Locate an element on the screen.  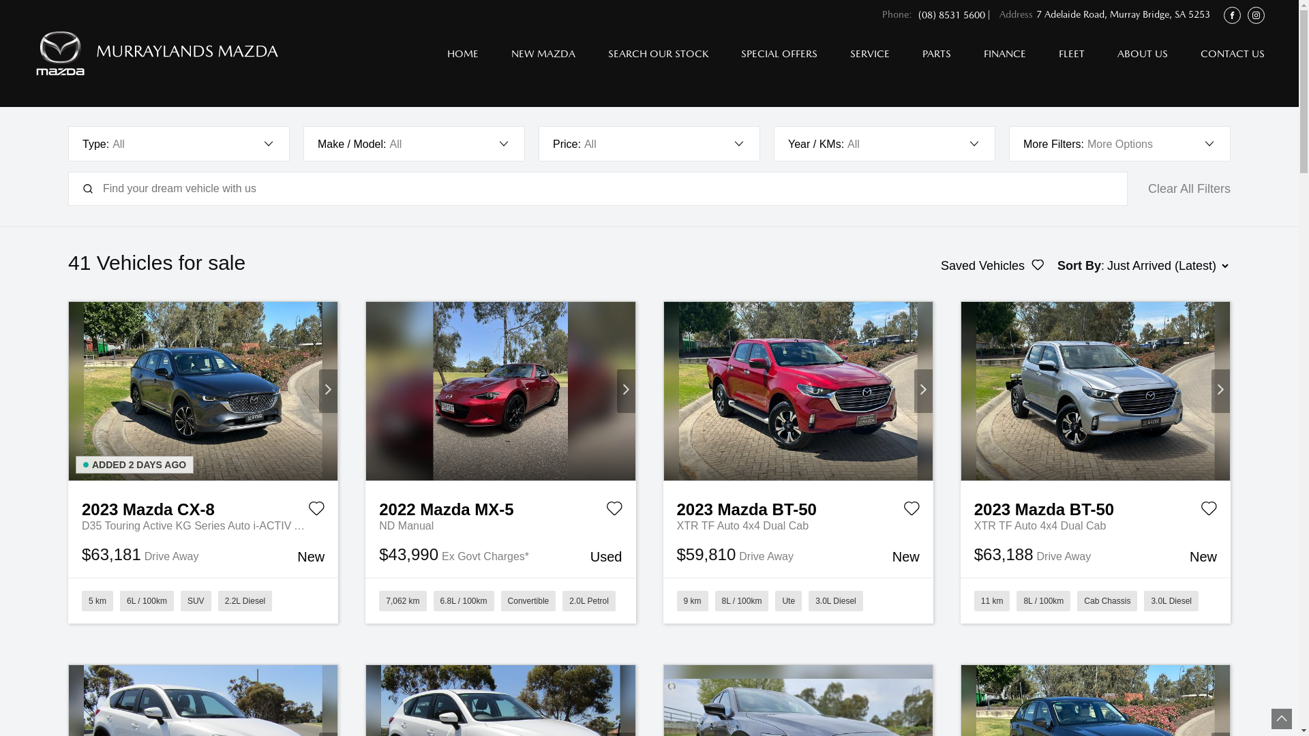
'SEARCH OUR STOCK' is located at coordinates (658, 52).